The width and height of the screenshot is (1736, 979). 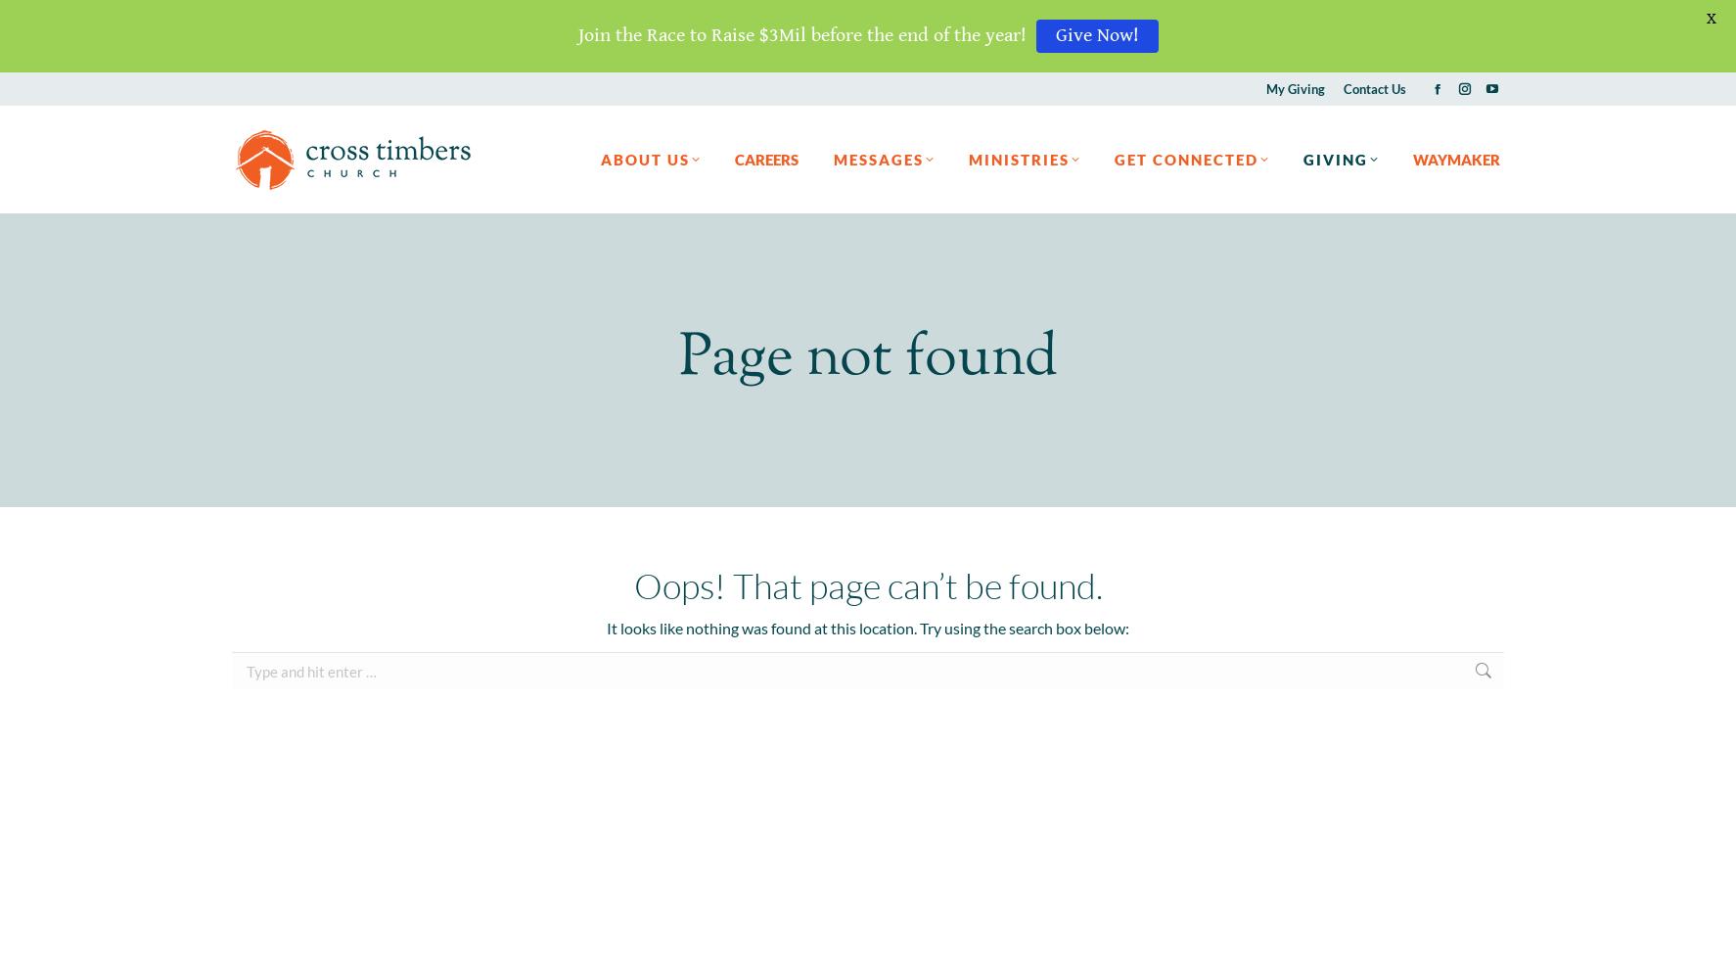 I want to click on 'CT Students', so click(x=1012, y=283).